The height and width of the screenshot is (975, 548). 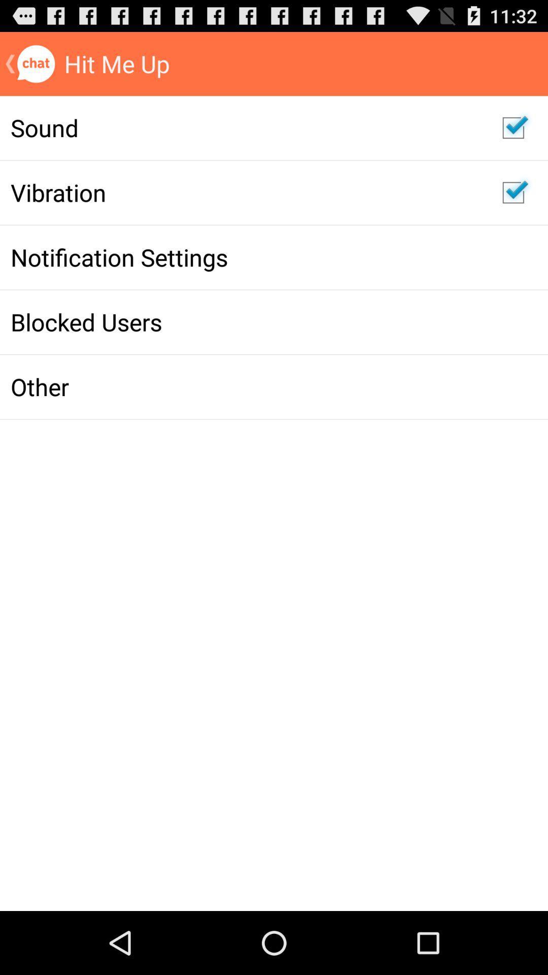 What do you see at coordinates (513, 192) in the screenshot?
I see `vibration mode is on` at bounding box center [513, 192].